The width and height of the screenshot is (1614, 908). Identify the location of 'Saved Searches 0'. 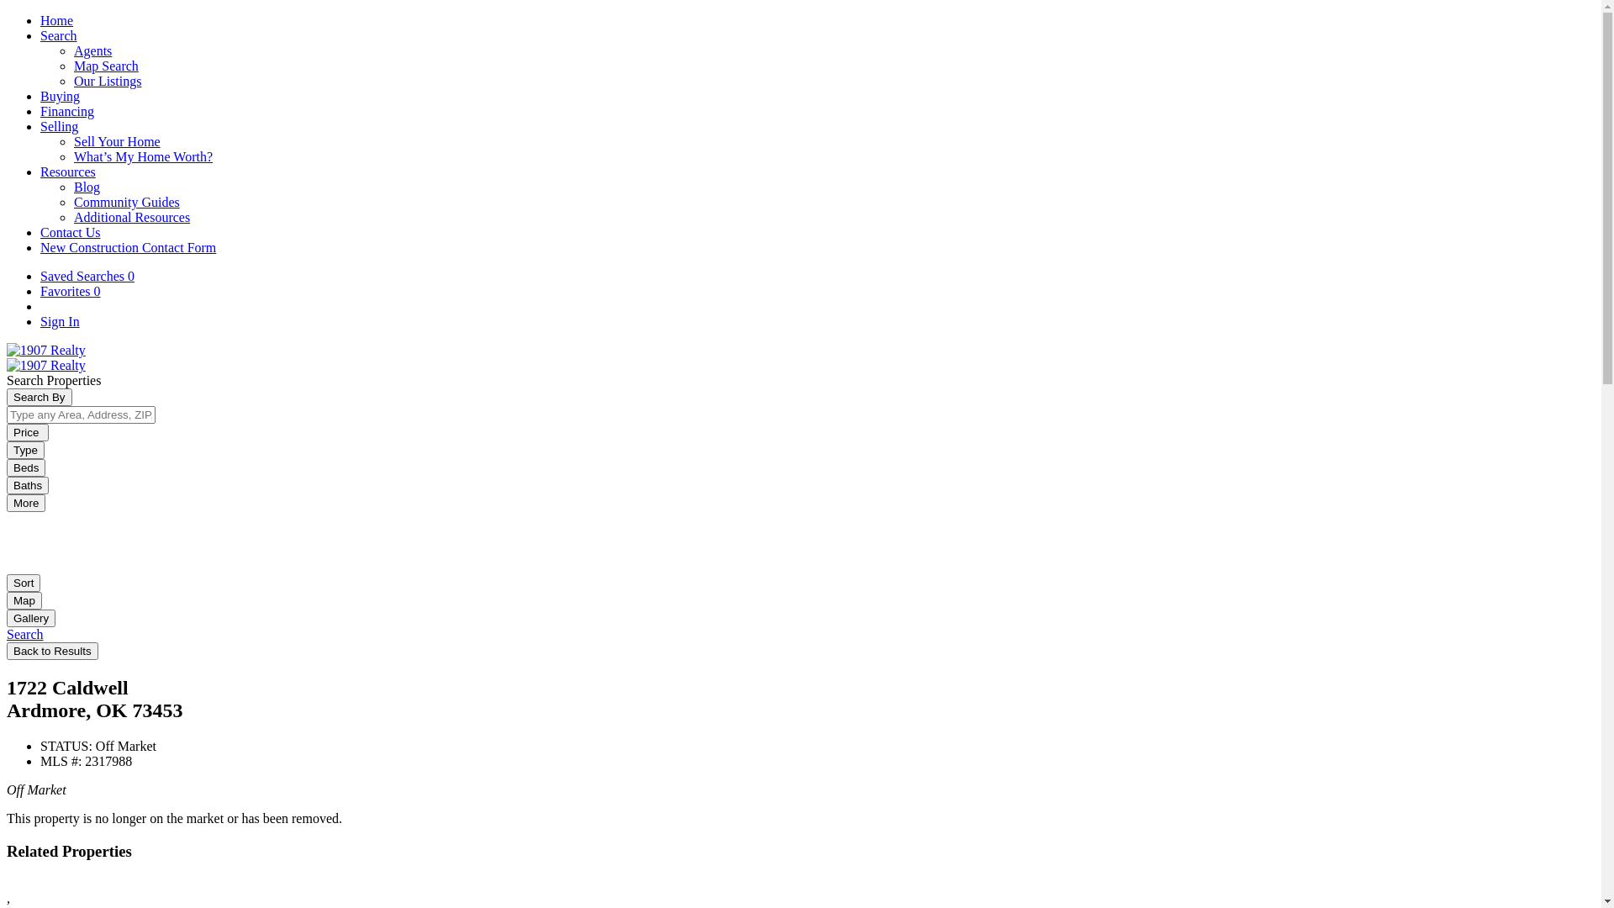
(87, 275).